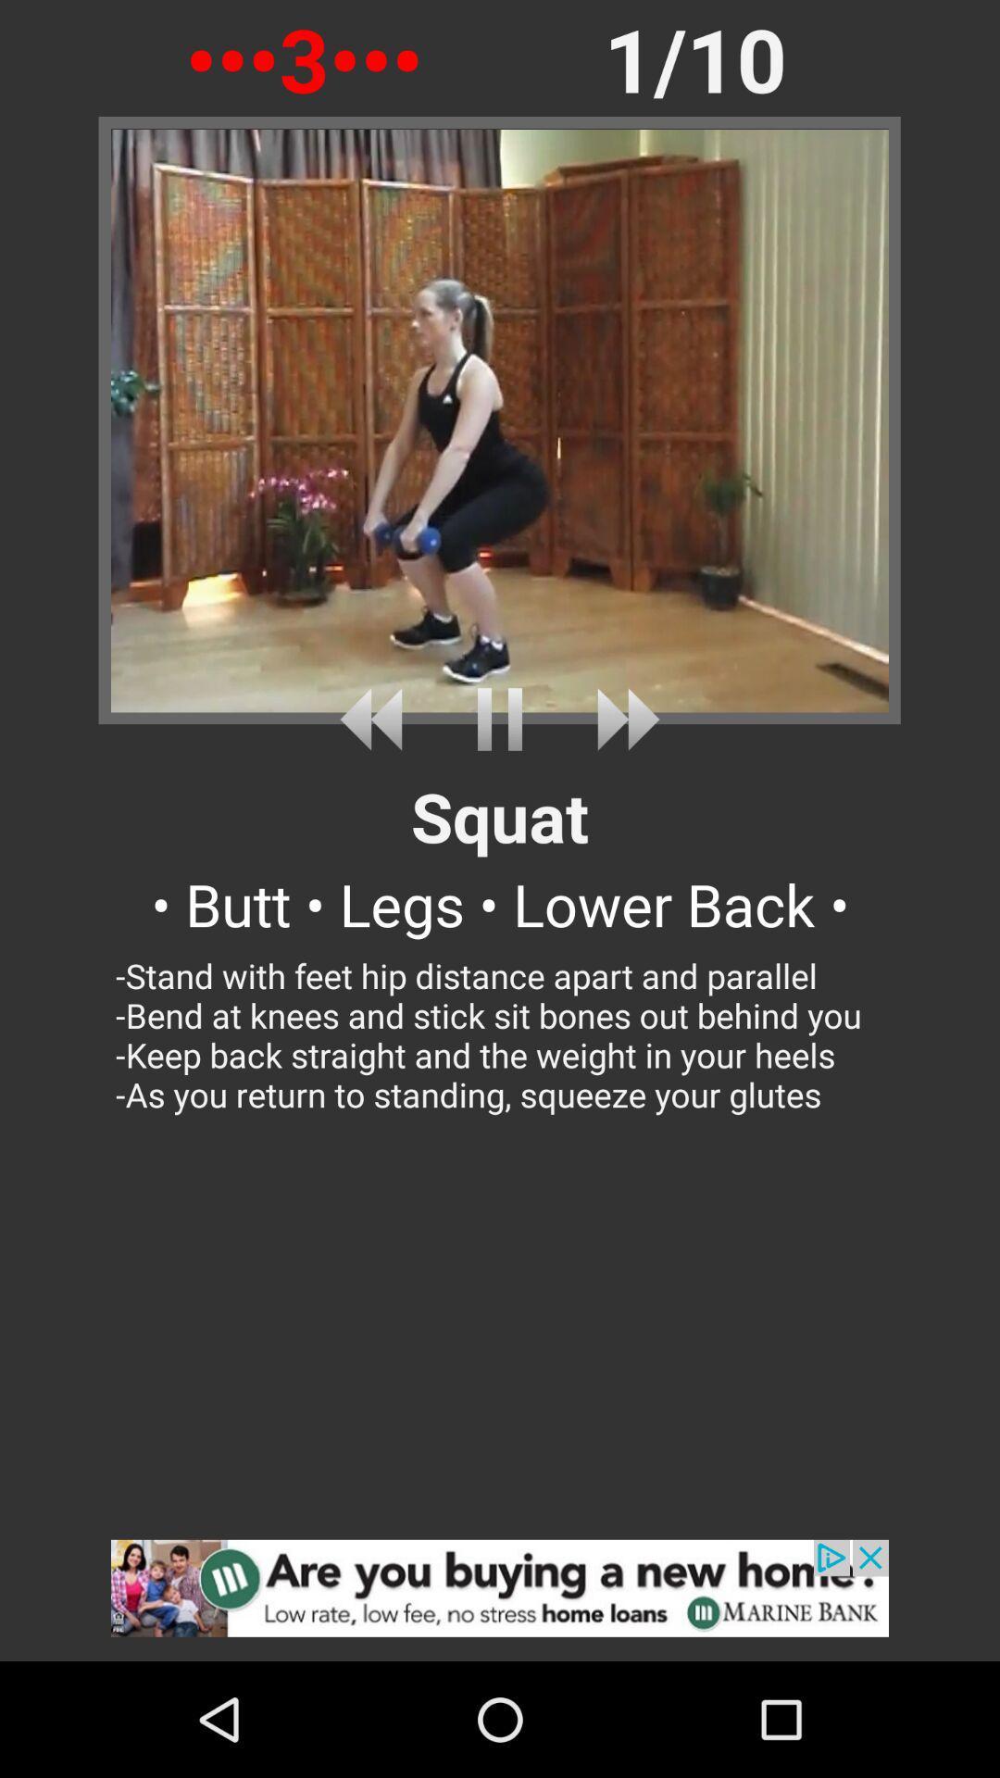 The width and height of the screenshot is (1000, 1778). Describe the element at coordinates (621, 719) in the screenshot. I see `forward` at that location.